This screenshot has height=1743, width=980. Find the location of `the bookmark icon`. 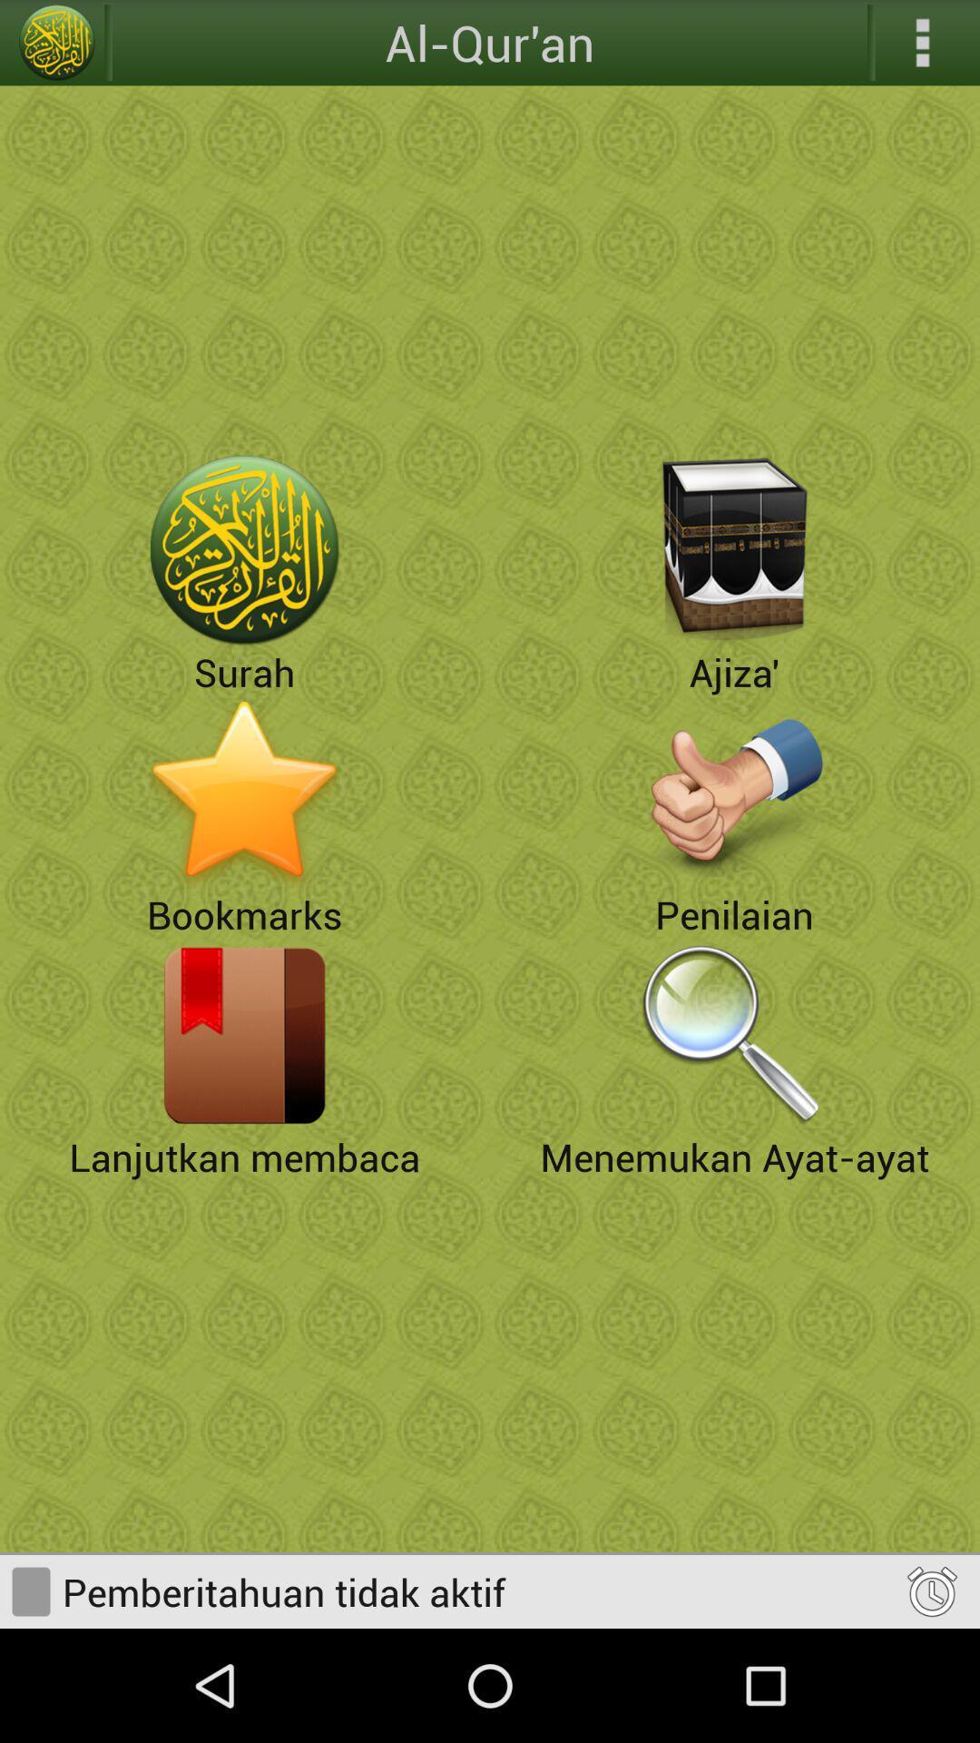

the bookmark icon is located at coordinates (245, 1107).